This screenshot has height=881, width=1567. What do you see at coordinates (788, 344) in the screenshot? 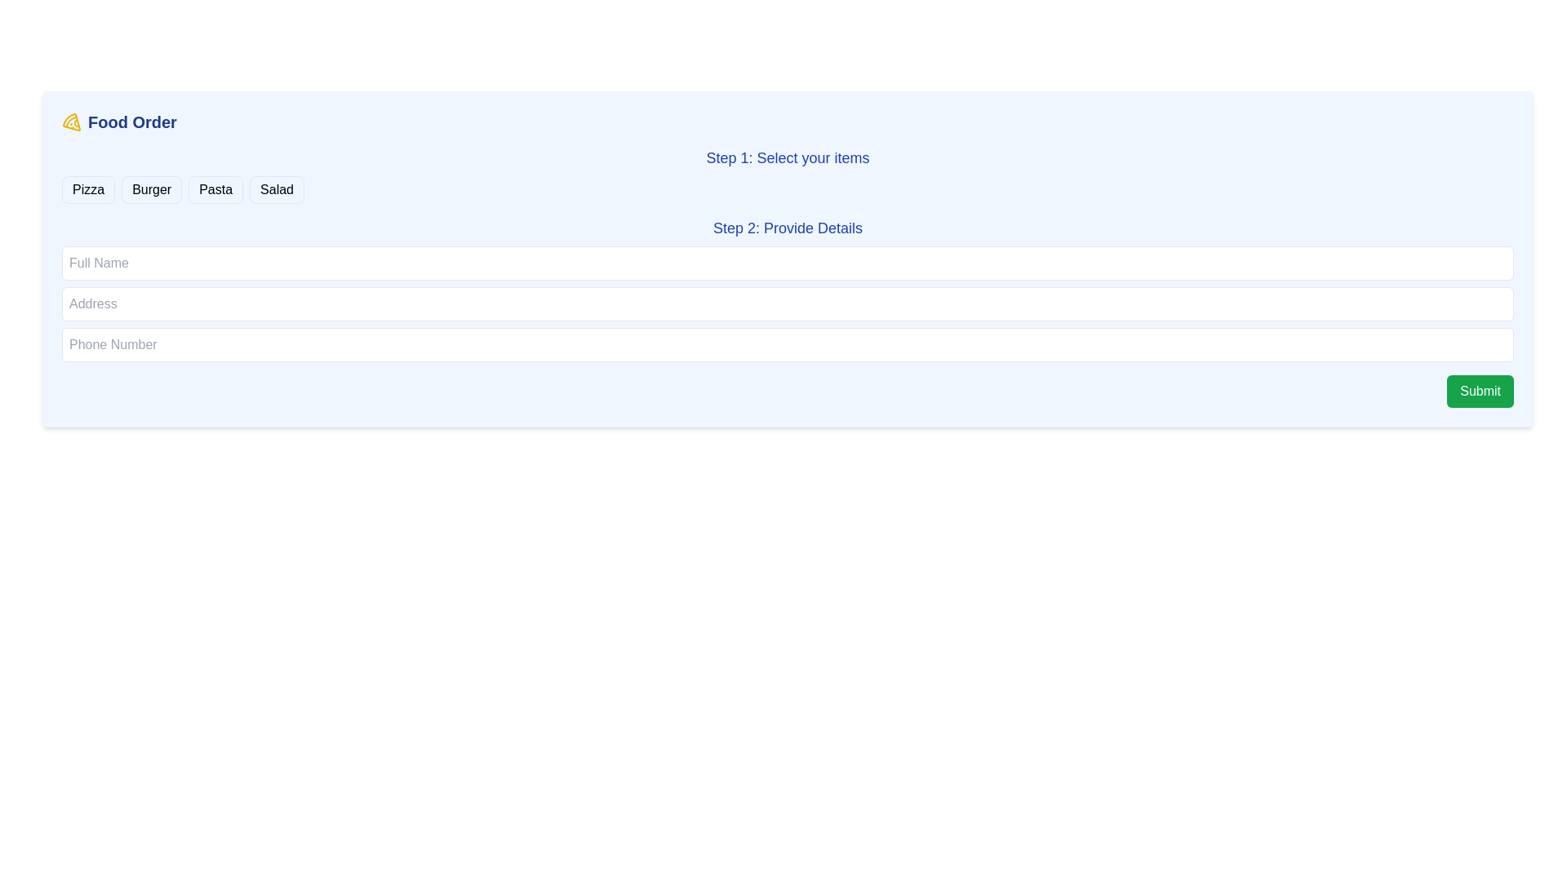
I see `the phone number input field to focus on it, which is located directly beneath the 'Address' field in the lower portion of the vertical list of input fields` at bounding box center [788, 344].